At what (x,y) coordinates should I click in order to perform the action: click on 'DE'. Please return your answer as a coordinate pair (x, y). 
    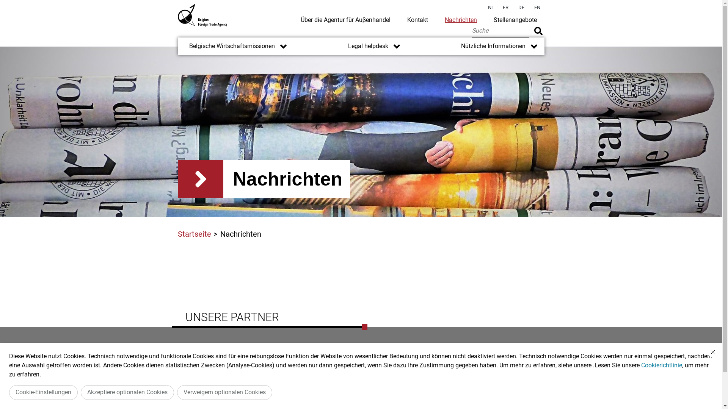
    Looking at the image, I should click on (515, 8).